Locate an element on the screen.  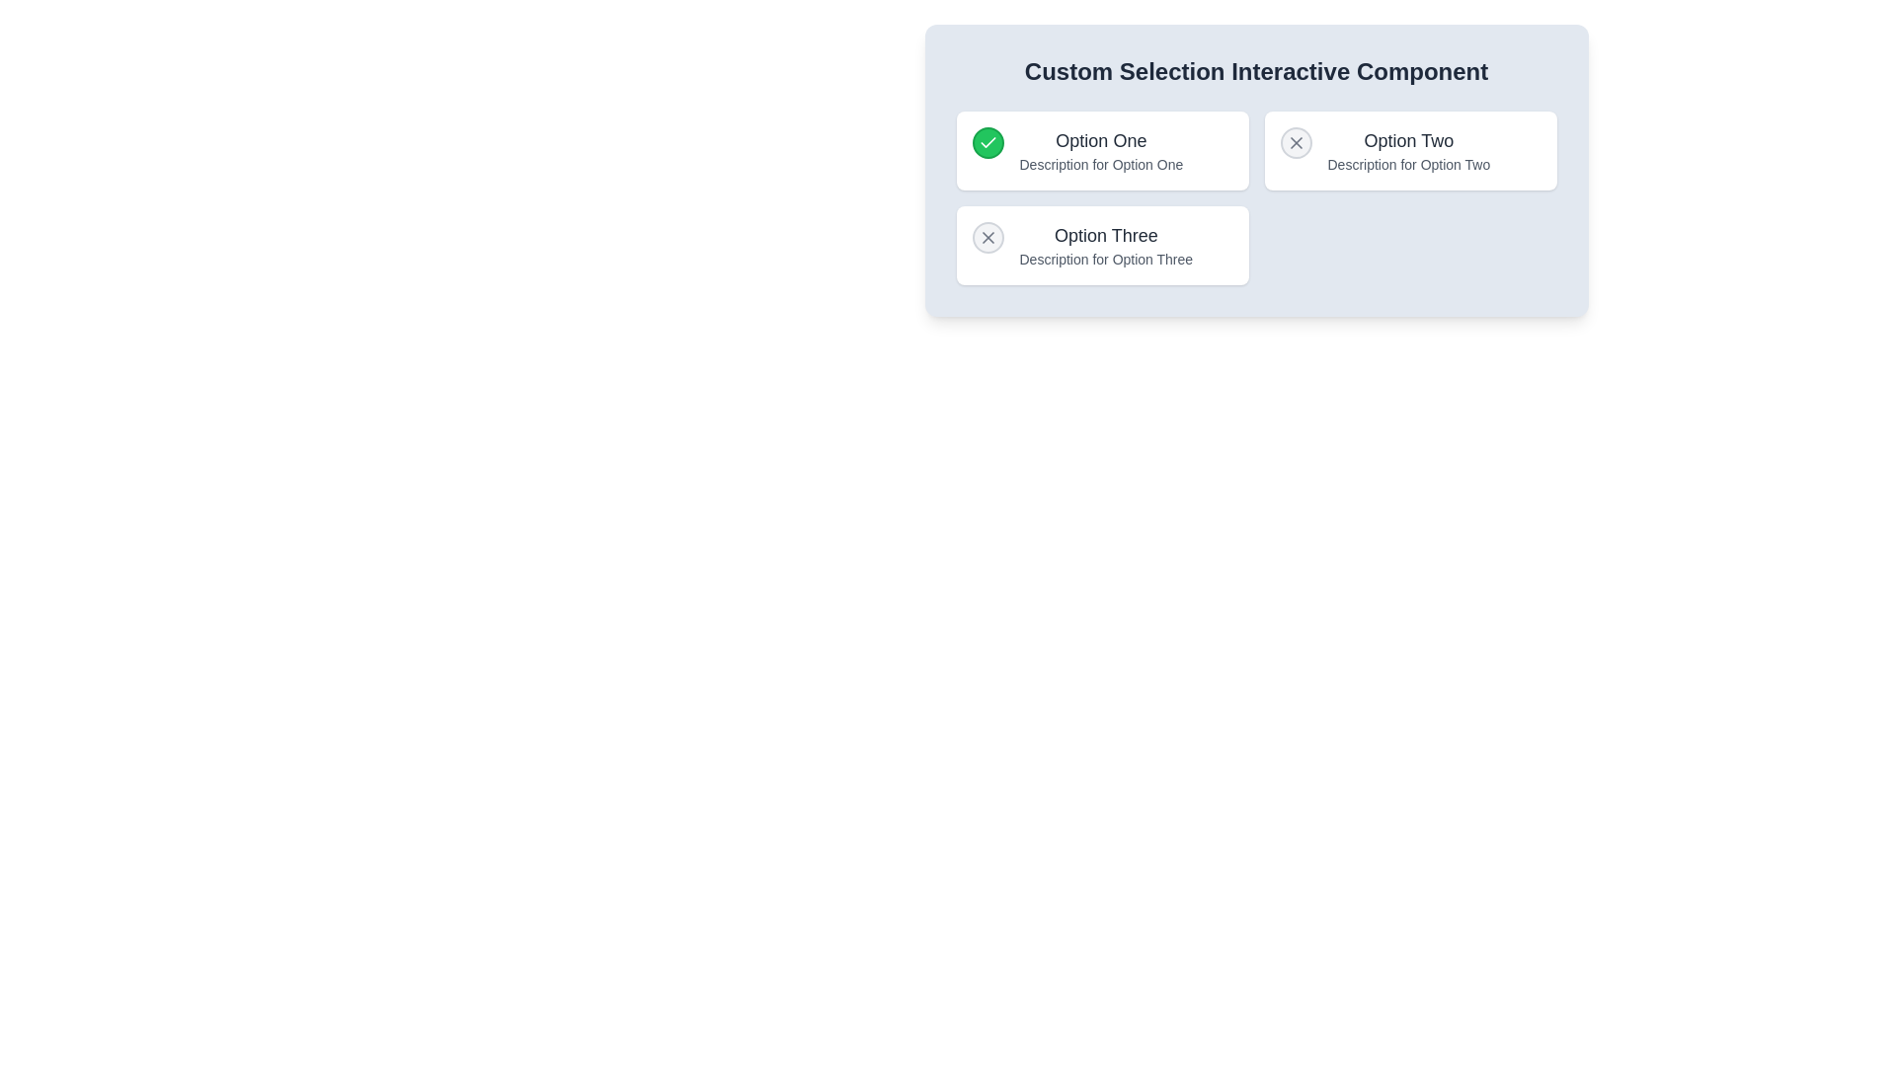
the circular button with an 'X' icon located in the top-left corner of the 'Option Three' box for accessibility interaction is located at coordinates (987, 236).